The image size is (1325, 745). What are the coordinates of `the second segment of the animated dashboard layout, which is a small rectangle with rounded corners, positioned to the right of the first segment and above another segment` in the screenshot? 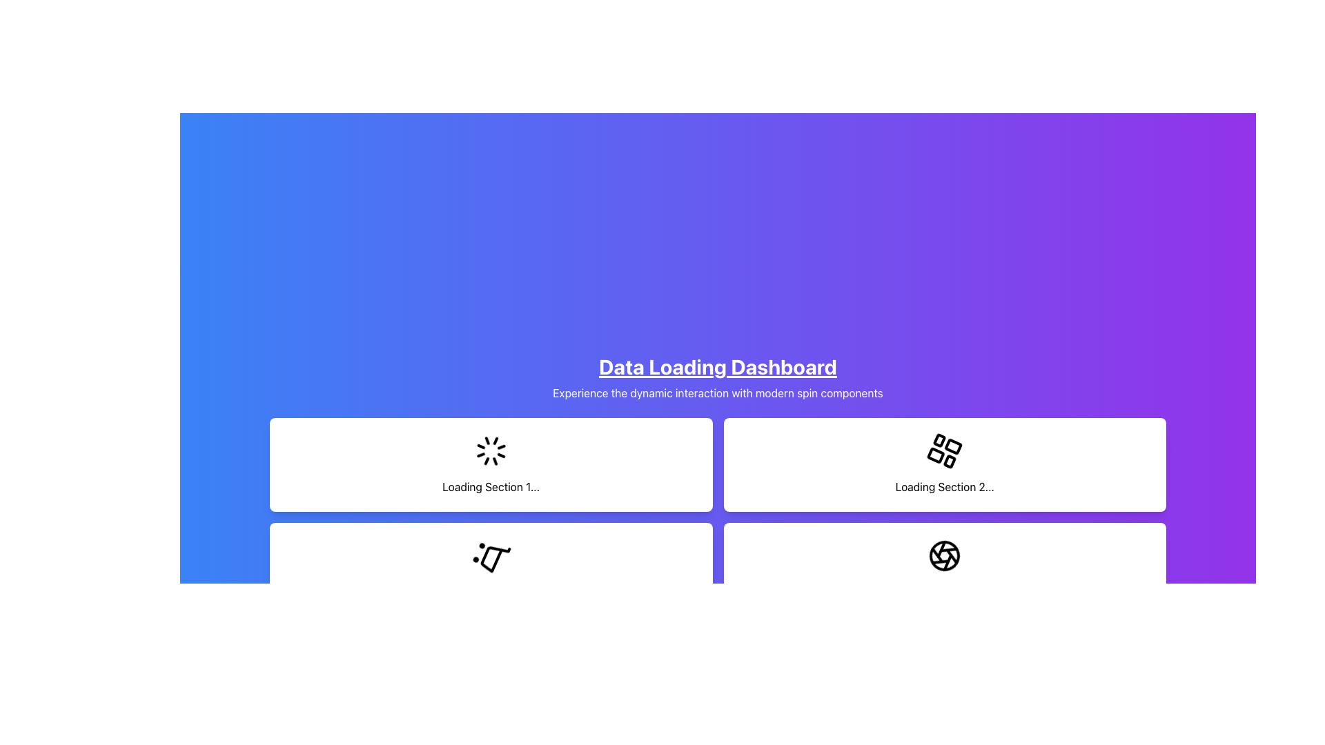 It's located at (939, 461).